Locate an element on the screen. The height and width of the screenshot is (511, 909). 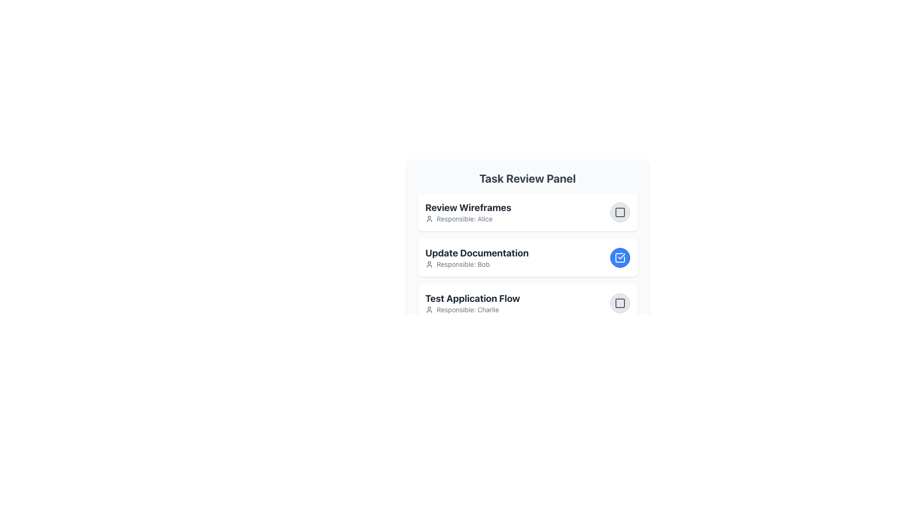
the decorative icon that signifies user responsibility information, positioned to the left of the text 'Responsible: Bob' is located at coordinates (428, 264).